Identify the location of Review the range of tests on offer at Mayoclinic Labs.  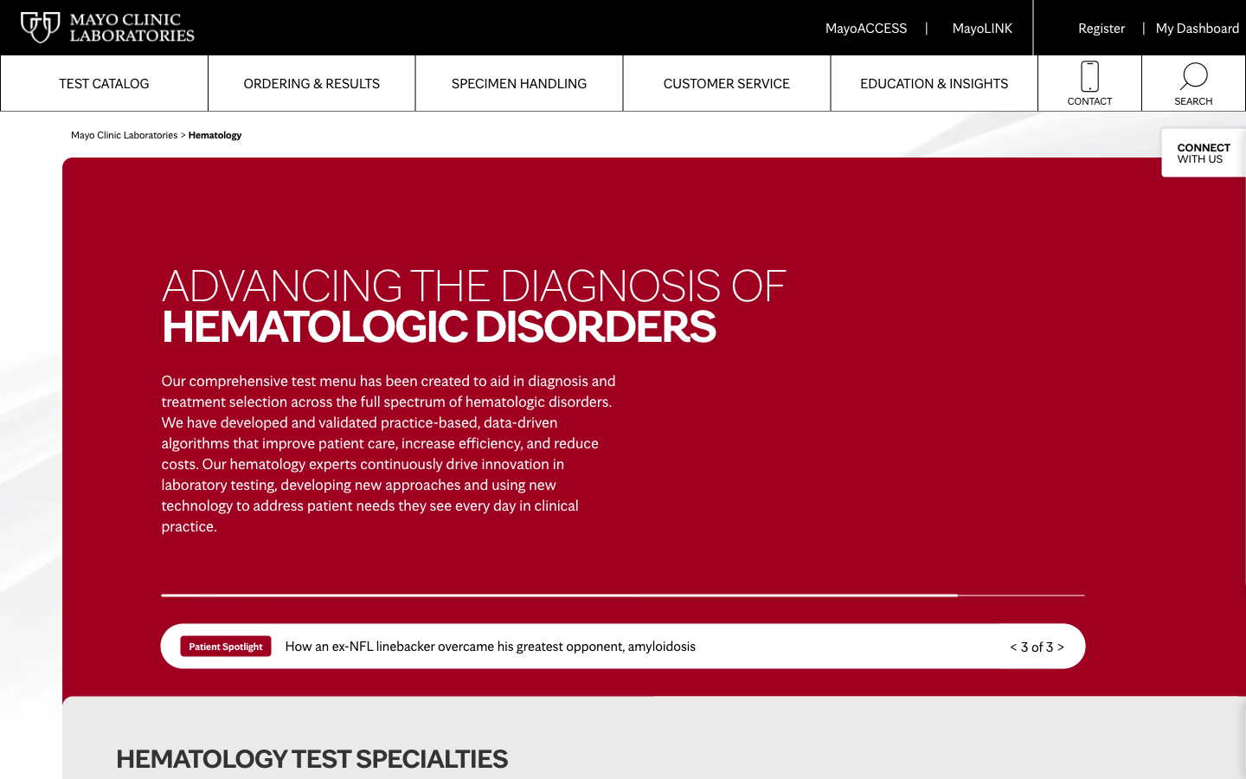
(104, 82).